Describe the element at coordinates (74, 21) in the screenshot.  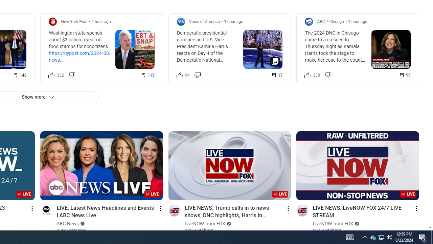
I see `'New York Post'` at that location.